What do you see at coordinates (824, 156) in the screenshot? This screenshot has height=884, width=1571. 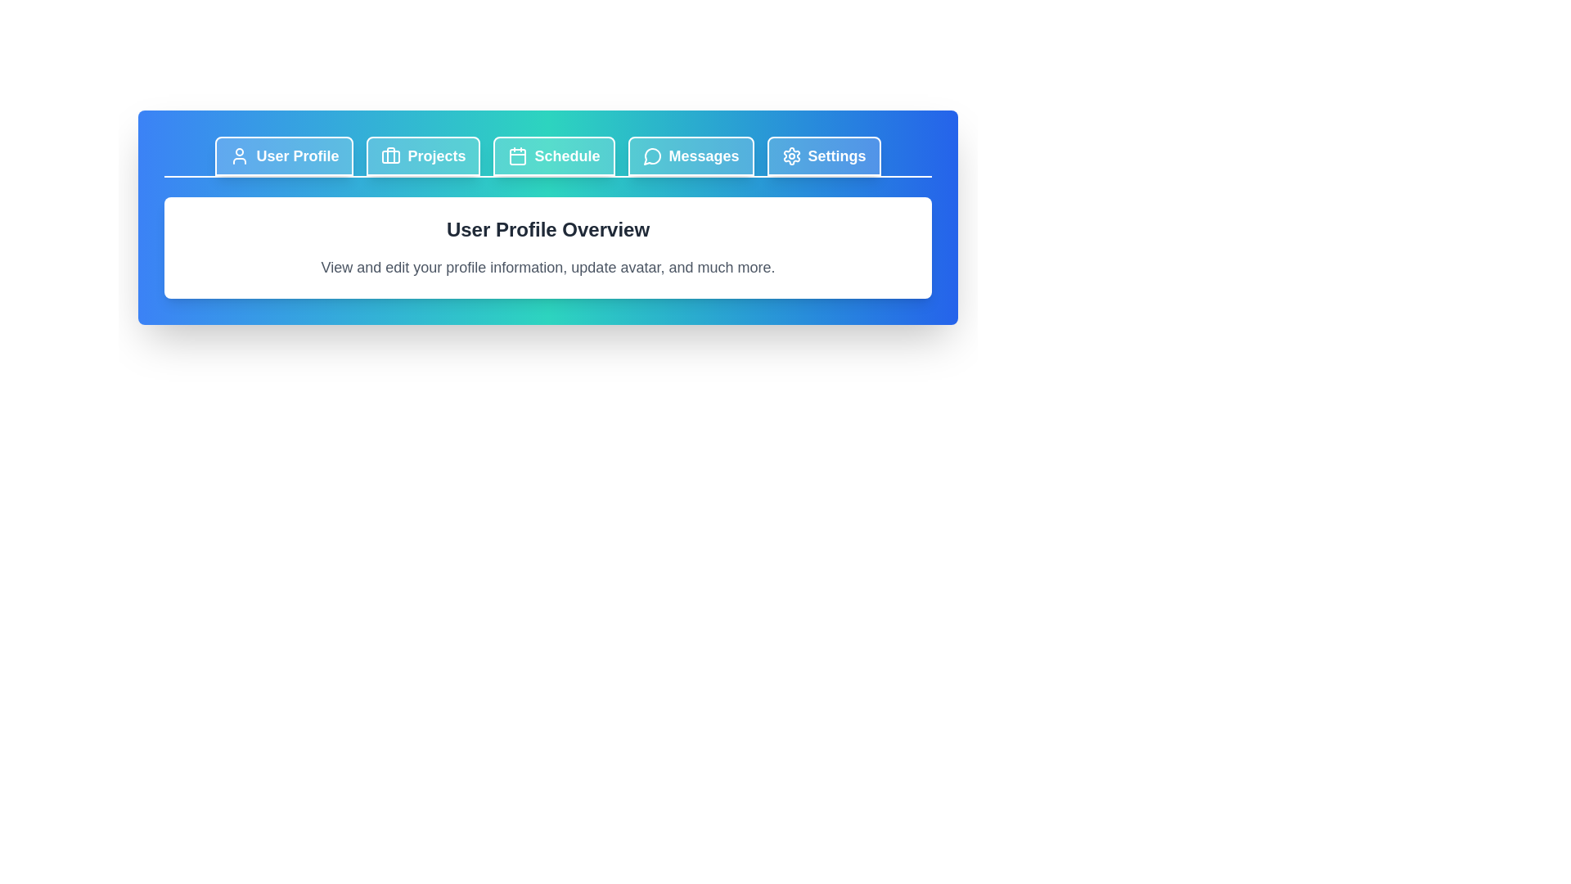 I see `the 'Settings' tab in the navigation bar, which features white text on a blue background with a gear icon` at bounding box center [824, 156].